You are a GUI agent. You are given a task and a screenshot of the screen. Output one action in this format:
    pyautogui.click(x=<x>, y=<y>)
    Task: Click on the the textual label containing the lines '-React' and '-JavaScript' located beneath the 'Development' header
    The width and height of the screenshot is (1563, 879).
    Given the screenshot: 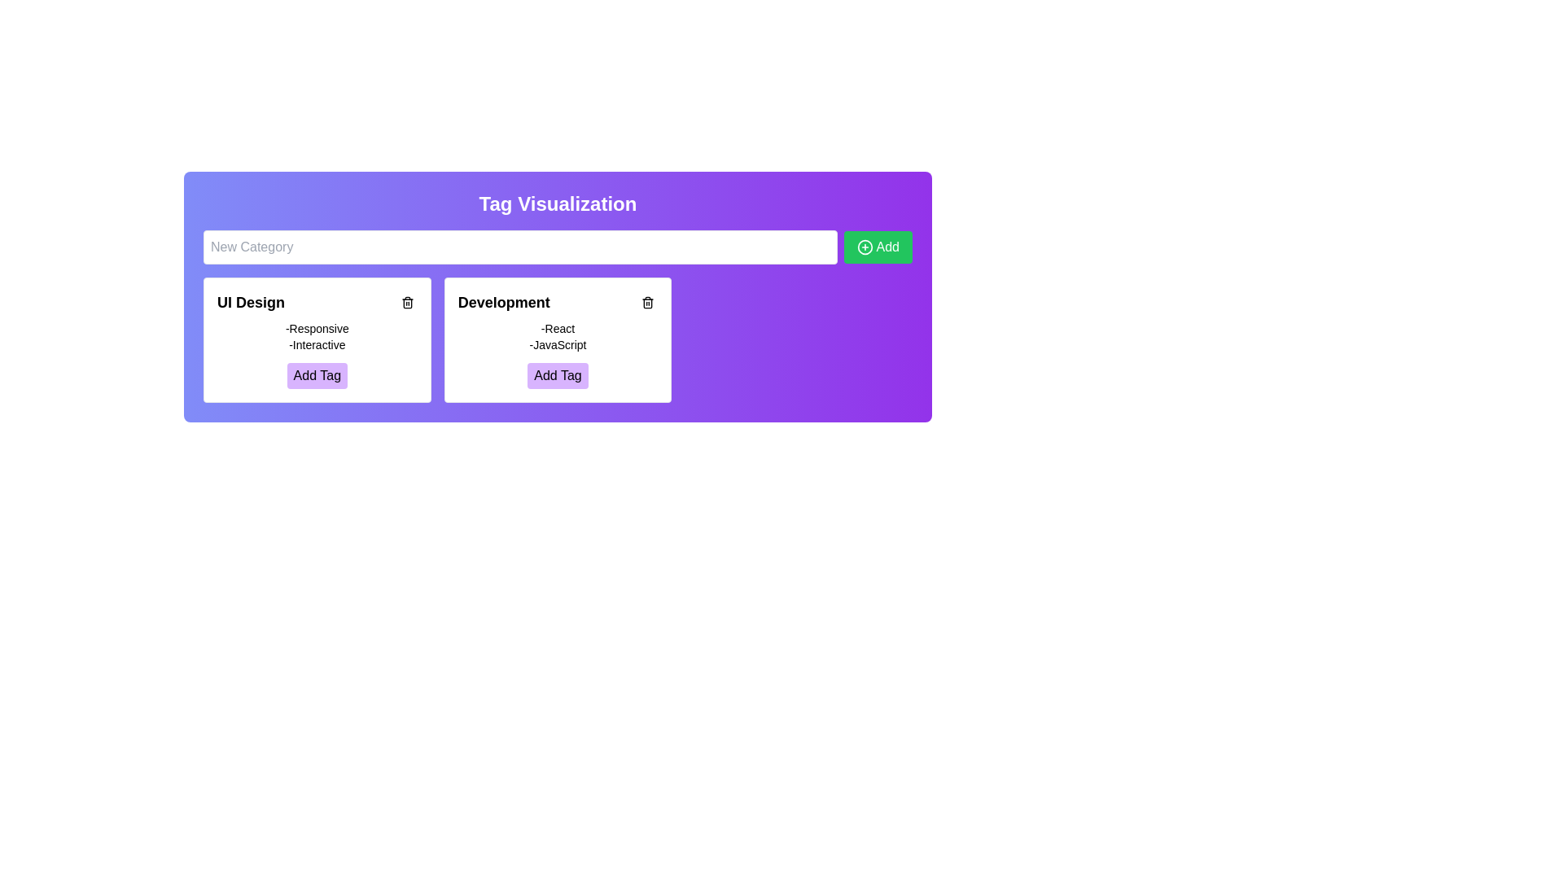 What is the action you would take?
    pyautogui.click(x=558, y=335)
    